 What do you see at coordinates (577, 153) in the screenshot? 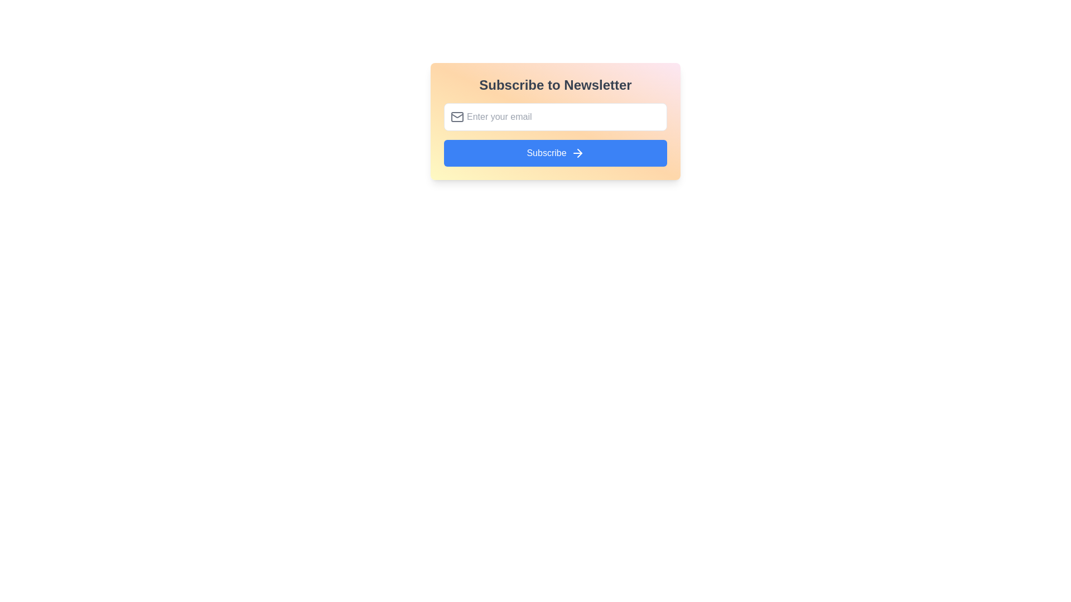
I see `the arrow icon located at the right end of the blue 'Subscribe' button, which indicates a forward action when the button is clicked` at bounding box center [577, 153].